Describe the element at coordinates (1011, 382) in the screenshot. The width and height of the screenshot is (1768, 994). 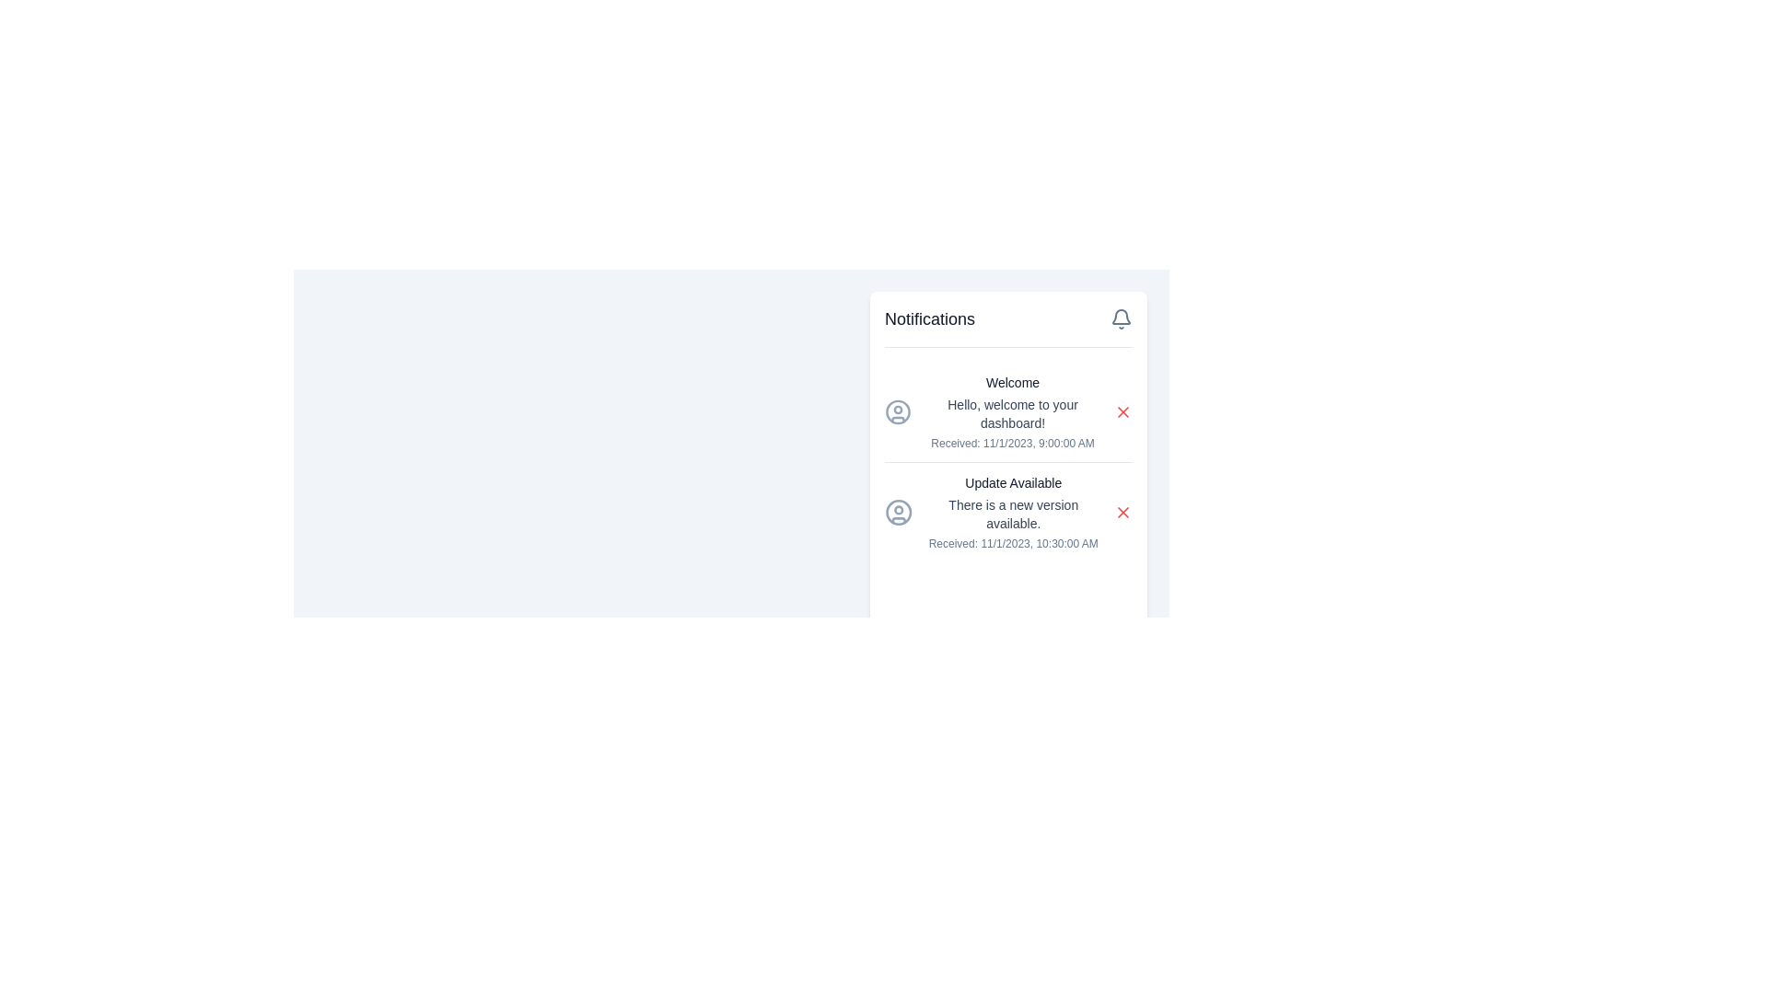
I see `text element that displays 'Welcome', which is styled in bold, dark slate color, and positioned at the top-center of the notification card` at that location.